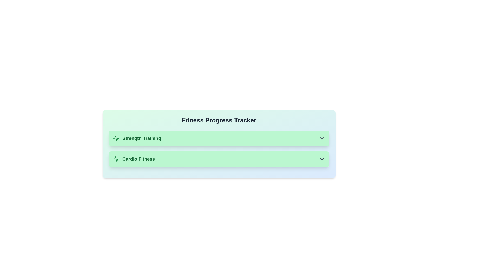 This screenshot has width=499, height=280. Describe the element at coordinates (219, 159) in the screenshot. I see `the 'Cardio Fitness' section card` at that location.